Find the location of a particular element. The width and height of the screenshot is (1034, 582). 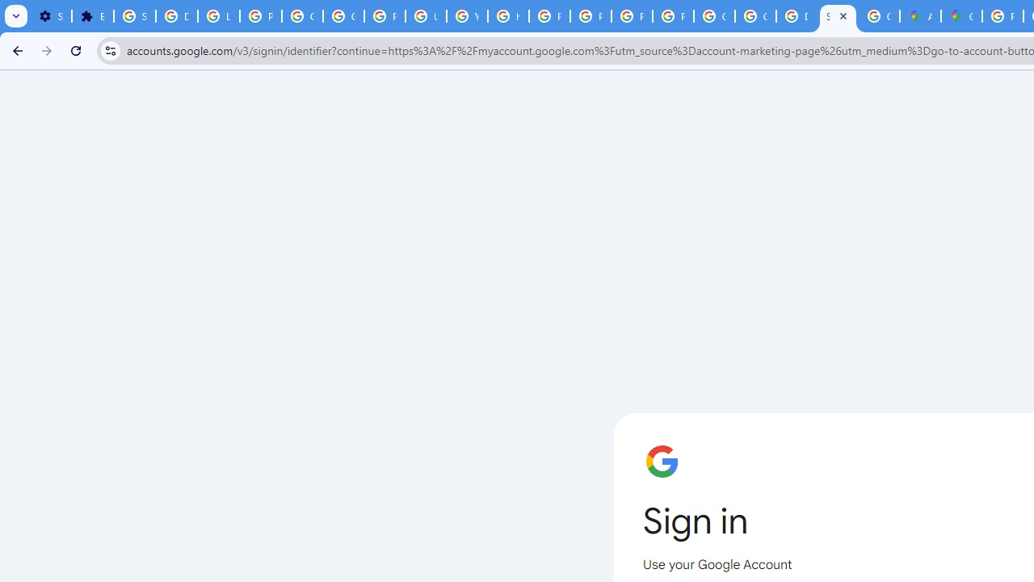

'Learn how to find your photos - Google Photos Help' is located at coordinates (217, 16).